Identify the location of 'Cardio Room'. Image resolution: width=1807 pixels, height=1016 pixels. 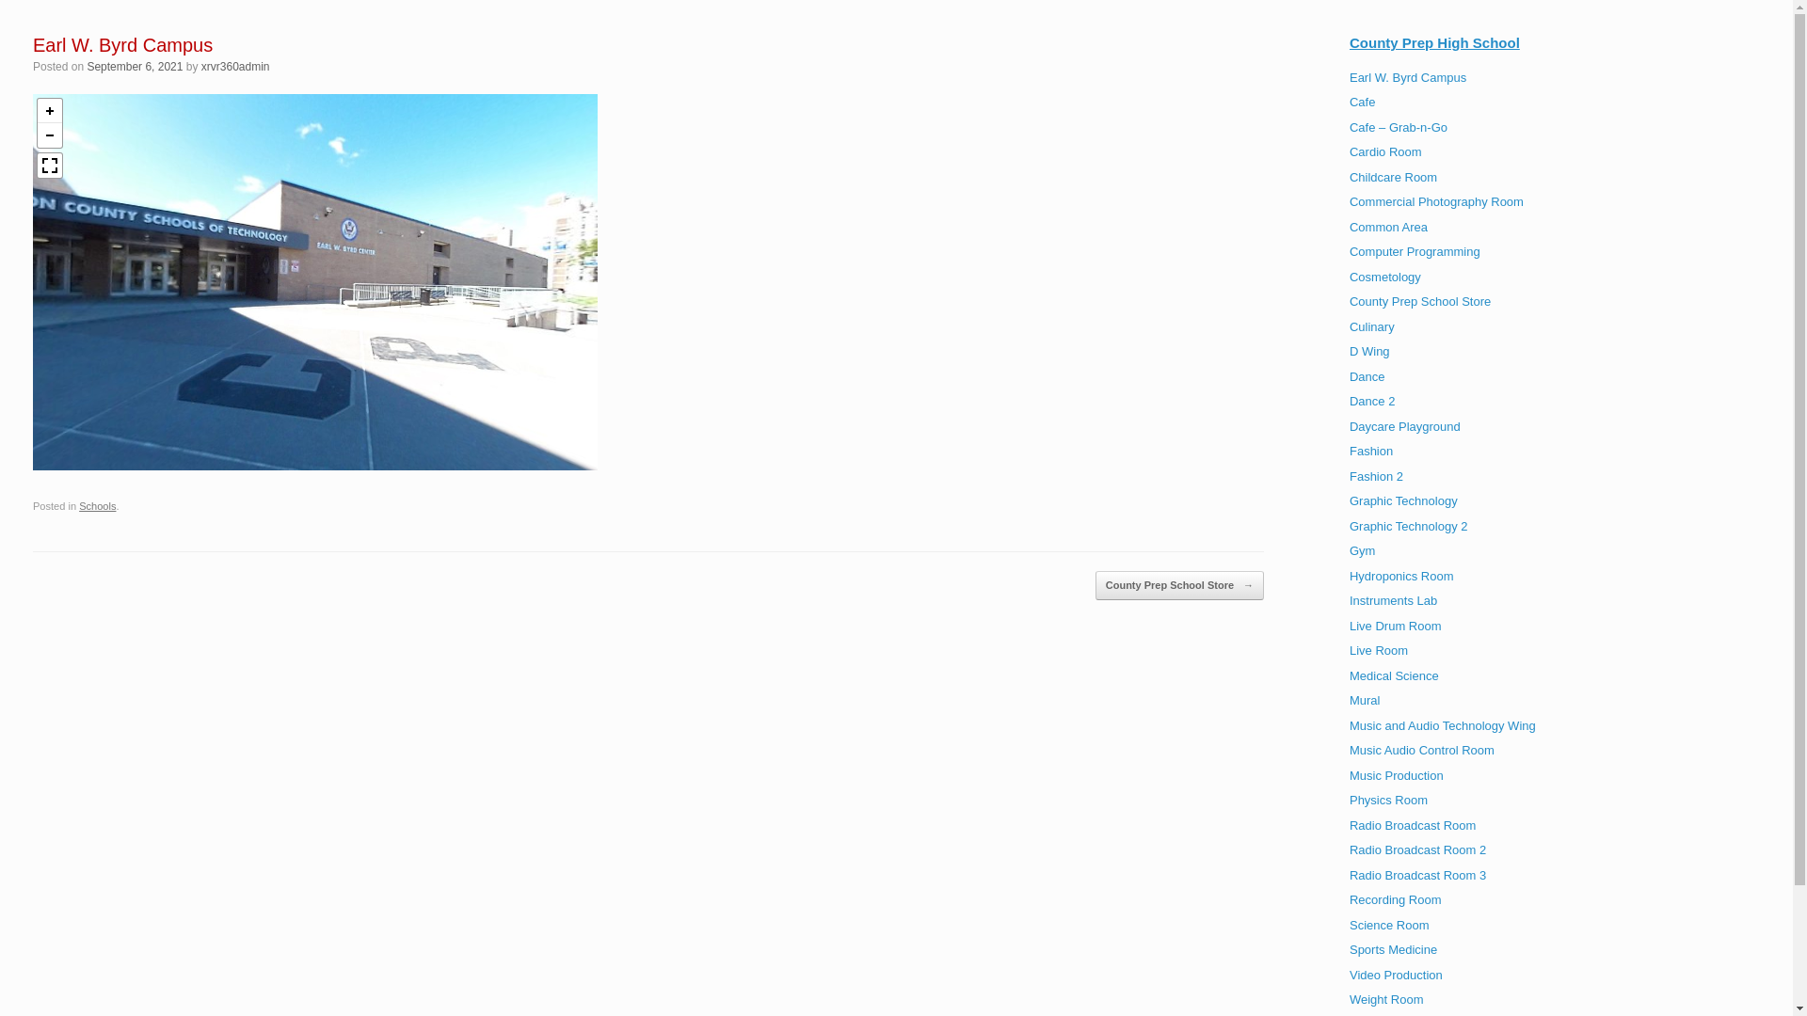
(1385, 151).